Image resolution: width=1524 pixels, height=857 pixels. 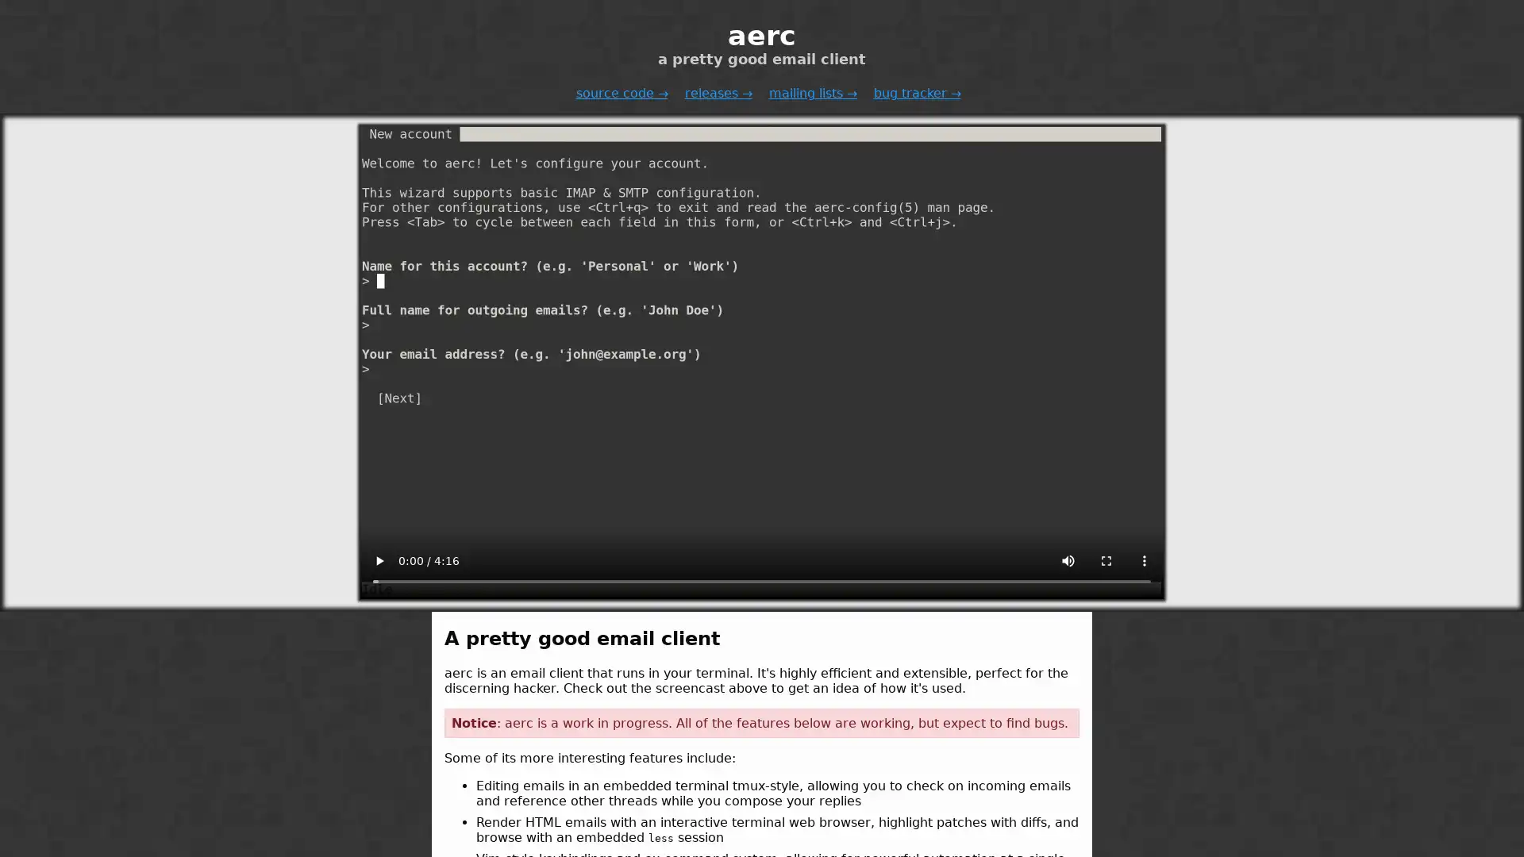 What do you see at coordinates (1068, 559) in the screenshot?
I see `mute` at bounding box center [1068, 559].